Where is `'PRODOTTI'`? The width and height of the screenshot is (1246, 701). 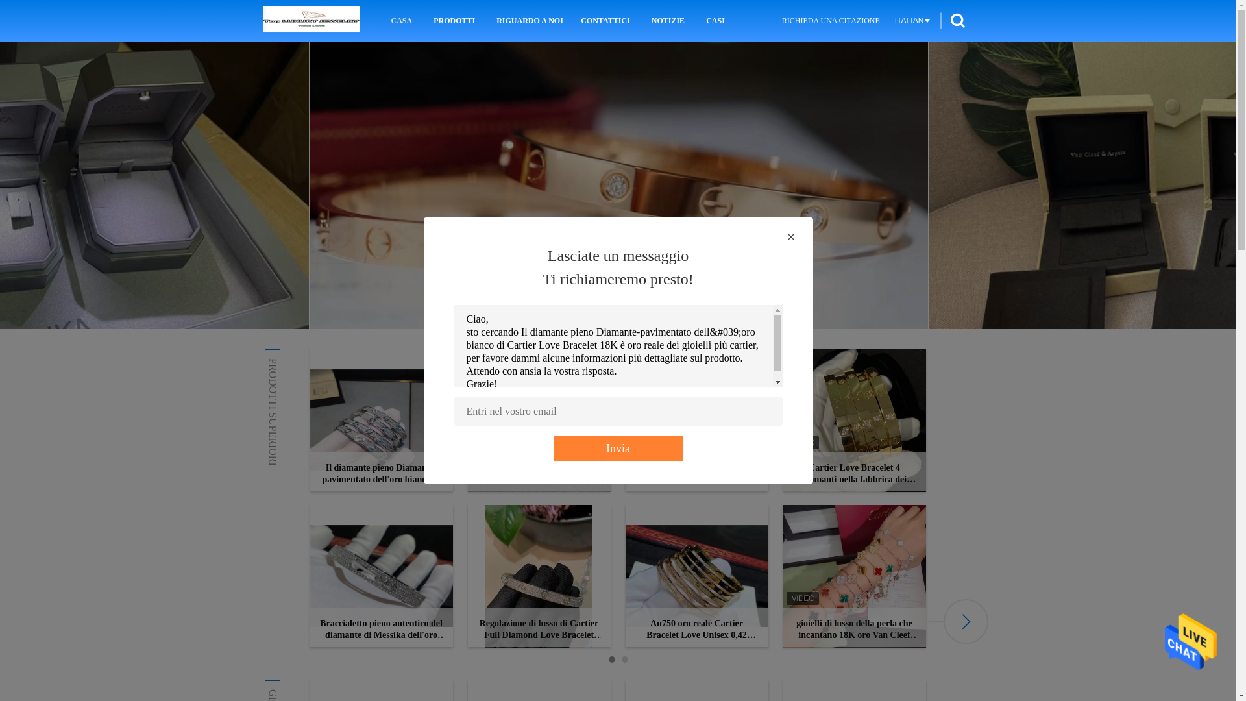
'PRODOTTI' is located at coordinates (430, 20).